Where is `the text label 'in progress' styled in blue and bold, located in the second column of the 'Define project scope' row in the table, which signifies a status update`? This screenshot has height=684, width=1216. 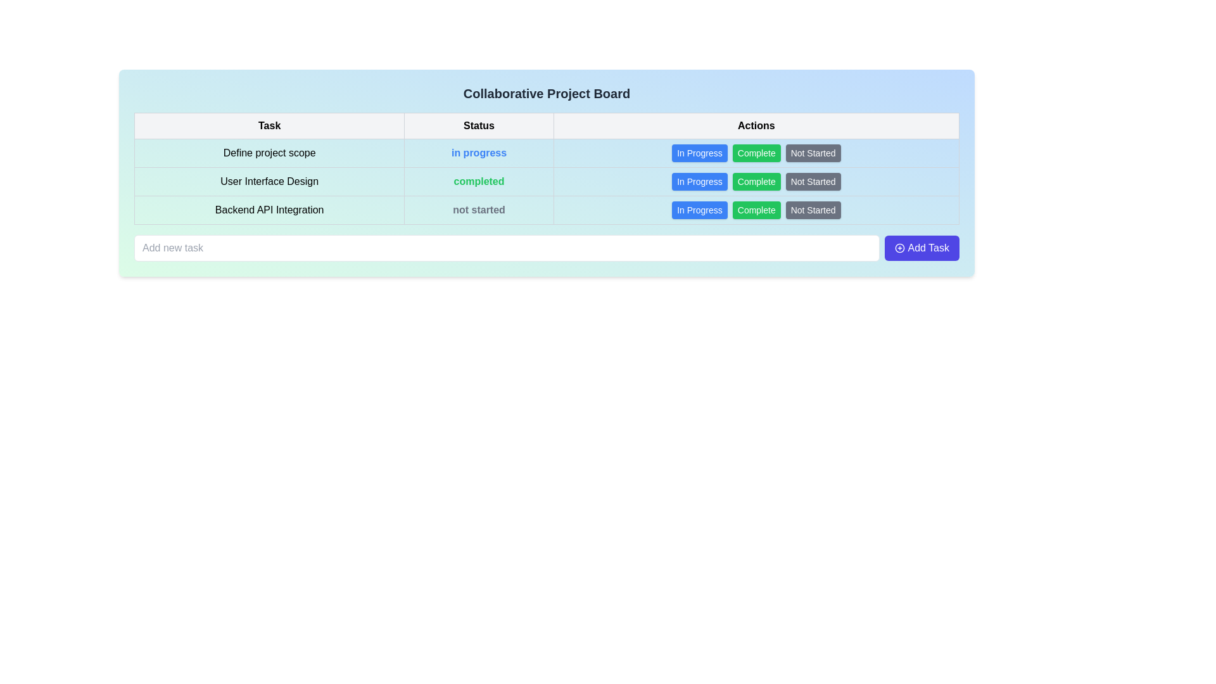 the text label 'in progress' styled in blue and bold, located in the second column of the 'Define project scope' row in the table, which signifies a status update is located at coordinates (478, 153).